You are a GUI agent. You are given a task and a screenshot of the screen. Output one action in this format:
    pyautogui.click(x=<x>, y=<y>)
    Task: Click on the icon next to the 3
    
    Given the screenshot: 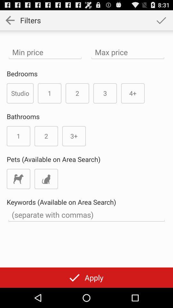 What is the action you would take?
    pyautogui.click(x=132, y=93)
    